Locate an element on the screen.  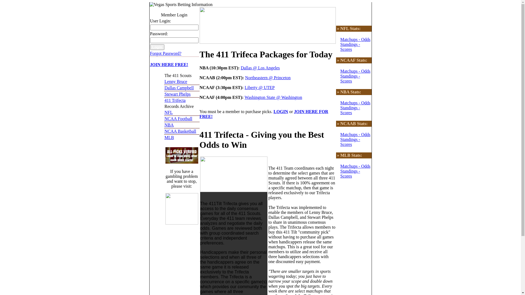
'Northeastern @ Princeton' is located at coordinates (268, 78).